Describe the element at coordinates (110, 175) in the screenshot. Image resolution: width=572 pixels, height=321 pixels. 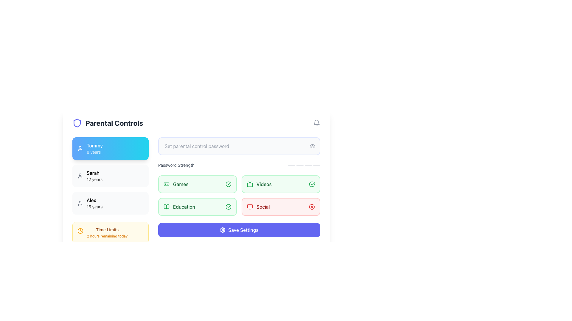
I see `the user information card for Sarah, which is the second item in the vertical list of user cards` at that location.